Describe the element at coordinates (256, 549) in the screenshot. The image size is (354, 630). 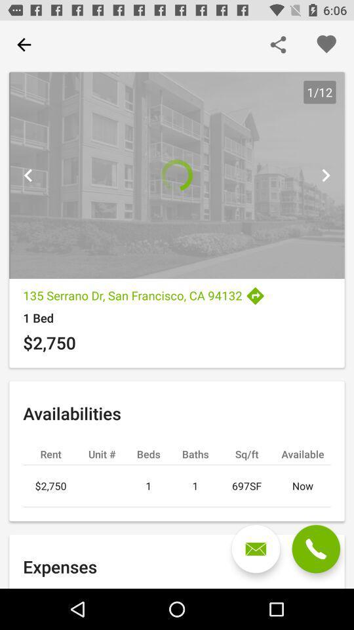
I see `the email icon` at that location.